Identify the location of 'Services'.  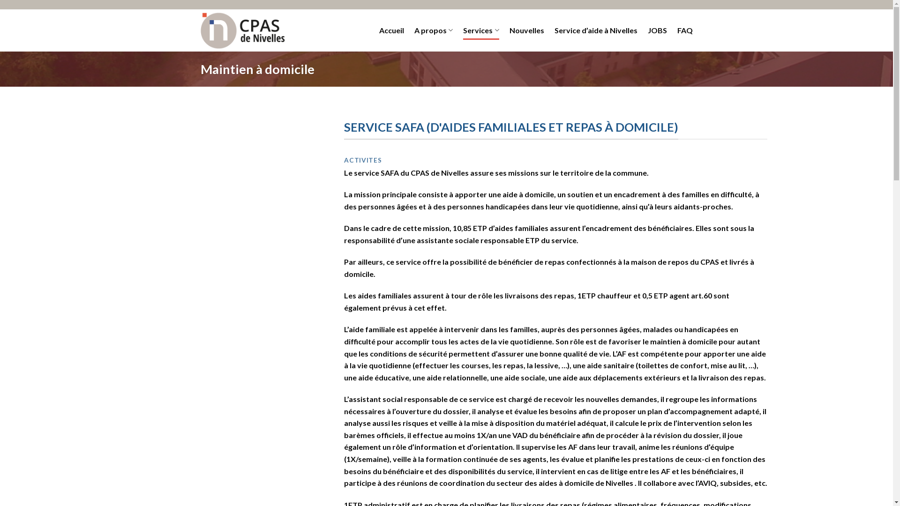
(481, 30).